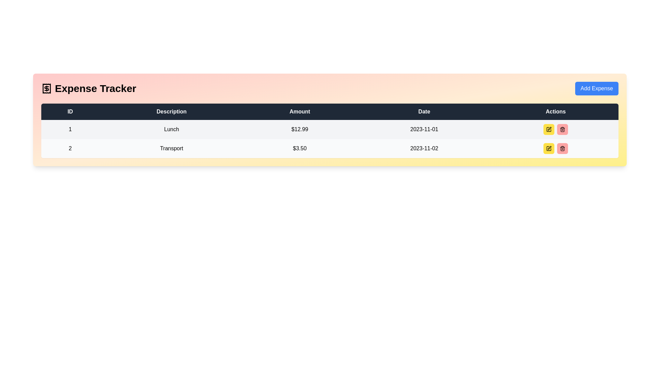 The width and height of the screenshot is (655, 368). I want to click on the text display in the fourth column of the second row that shows the date associated with the record, so click(424, 148).